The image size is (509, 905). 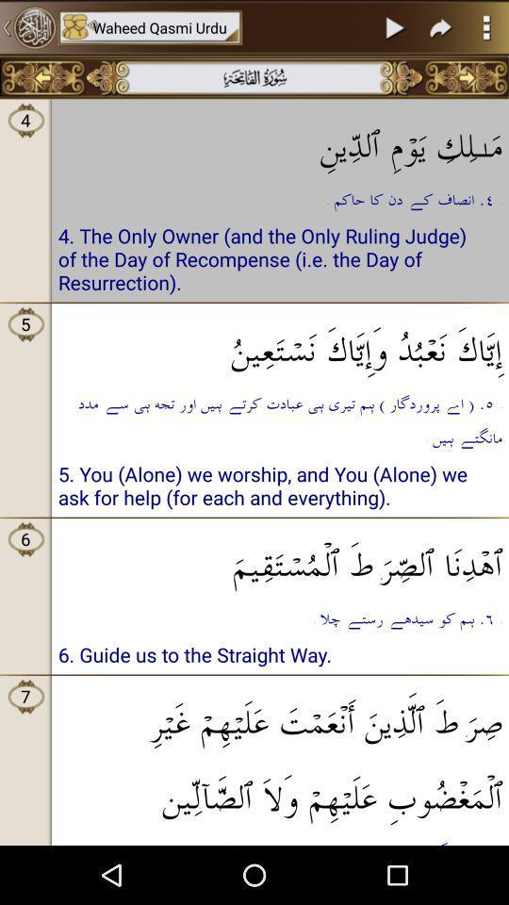 What do you see at coordinates (395, 28) in the screenshot?
I see `the play icon` at bounding box center [395, 28].